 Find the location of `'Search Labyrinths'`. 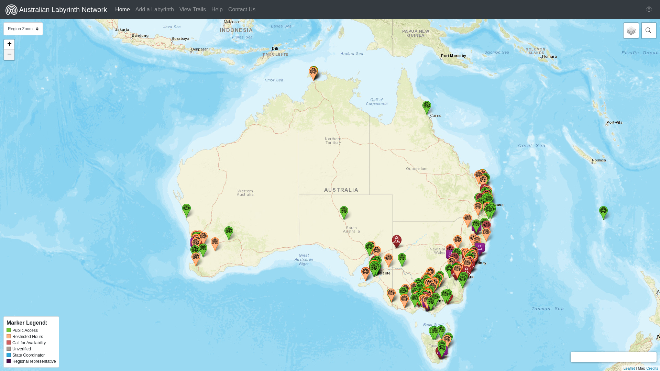

'Search Labyrinths' is located at coordinates (648, 30).